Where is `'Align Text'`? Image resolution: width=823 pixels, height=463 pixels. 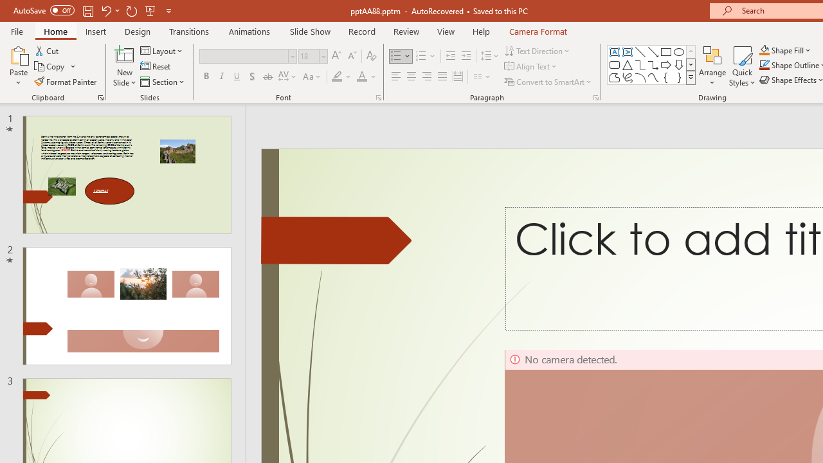
'Align Text' is located at coordinates (531, 66).